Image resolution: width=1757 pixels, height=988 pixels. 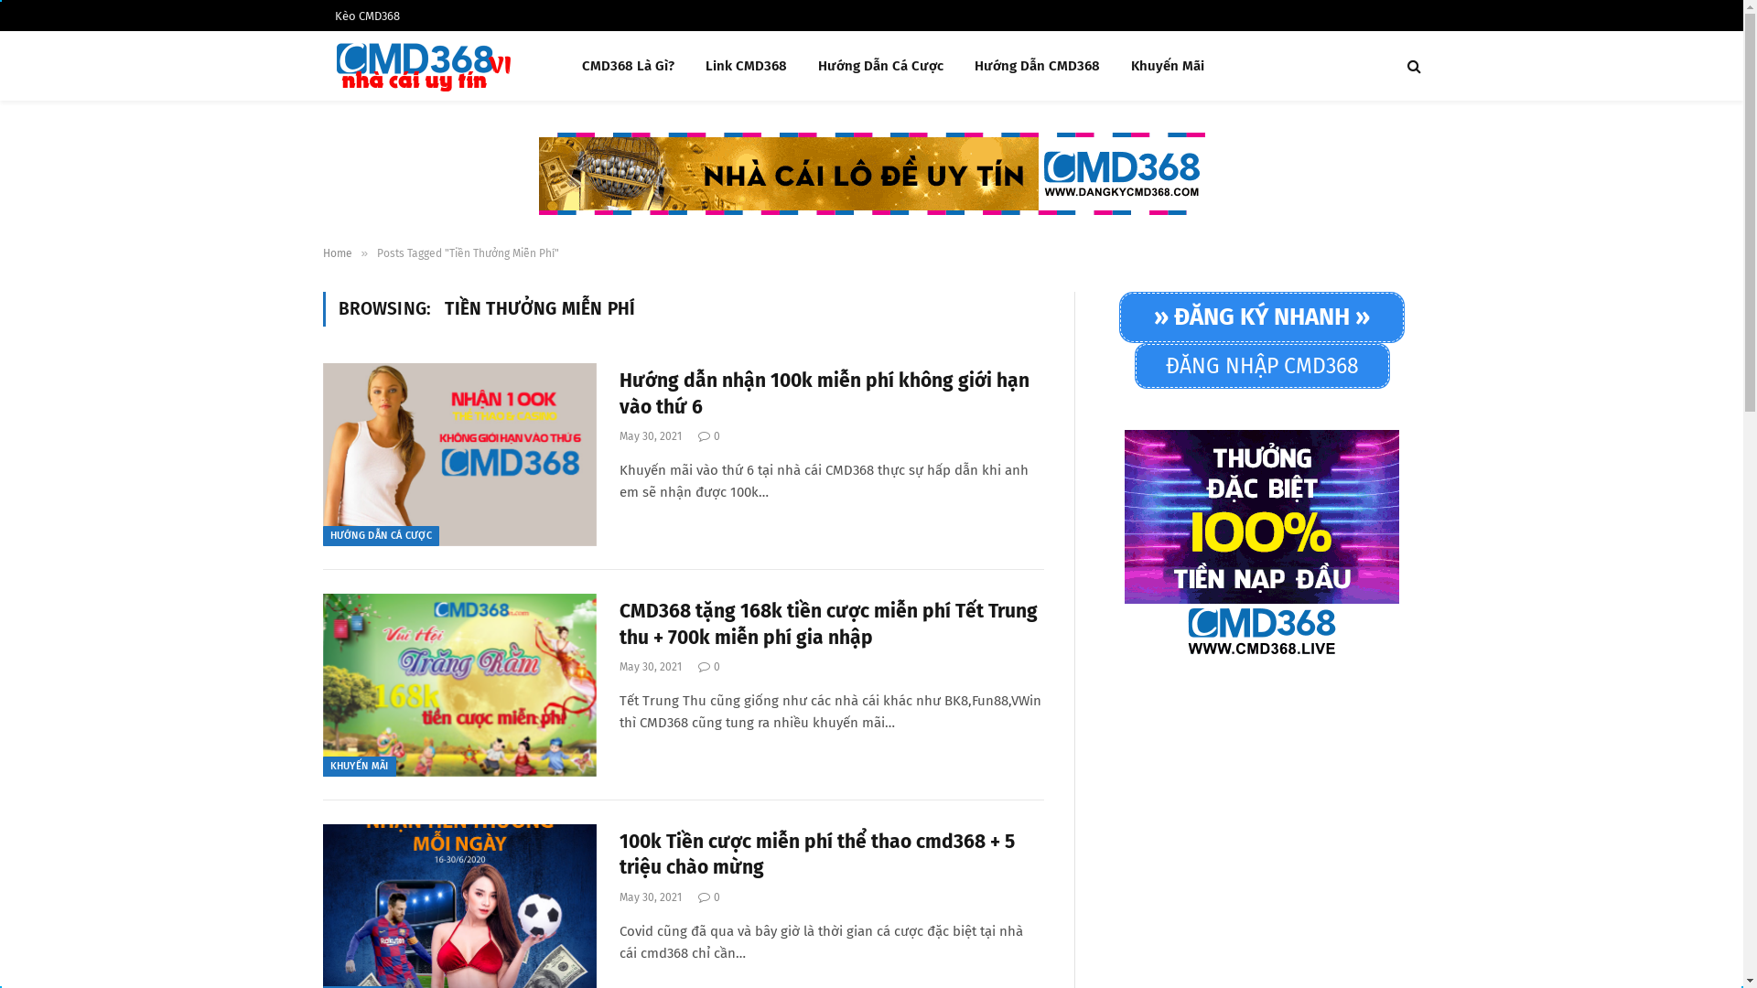 I want to click on 'Search', so click(x=1411, y=65).